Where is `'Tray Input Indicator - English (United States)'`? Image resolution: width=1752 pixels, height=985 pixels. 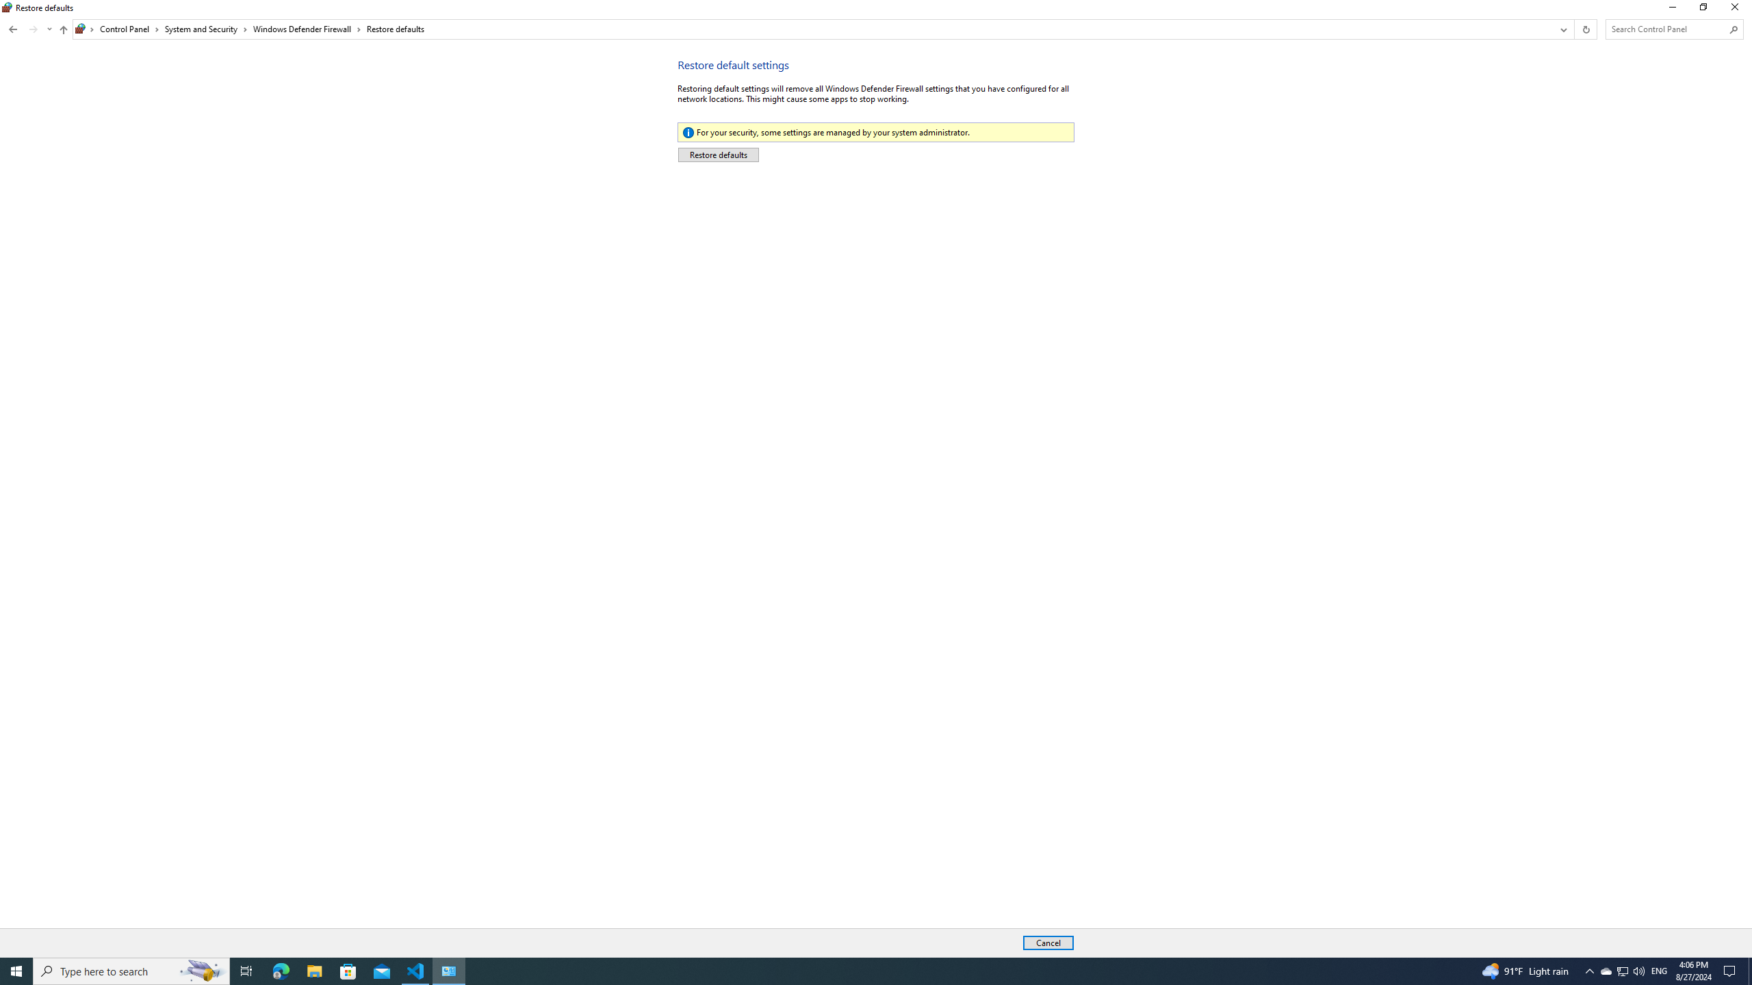
'Tray Input Indicator - English (United States)' is located at coordinates (1659, 970).